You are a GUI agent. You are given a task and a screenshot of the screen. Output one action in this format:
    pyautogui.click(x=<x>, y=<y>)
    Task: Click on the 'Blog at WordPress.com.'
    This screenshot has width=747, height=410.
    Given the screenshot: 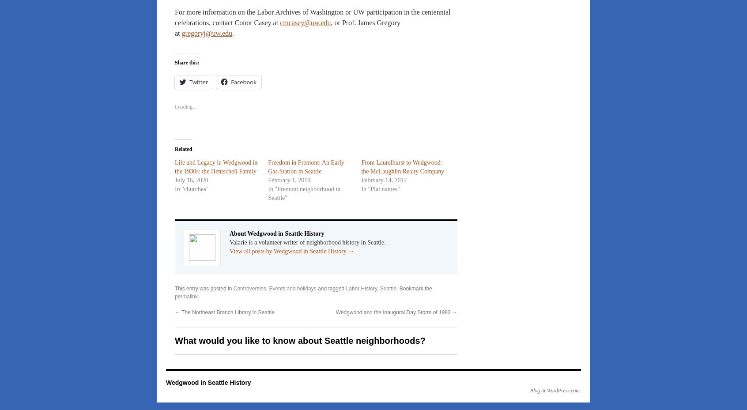 What is the action you would take?
    pyautogui.click(x=555, y=390)
    